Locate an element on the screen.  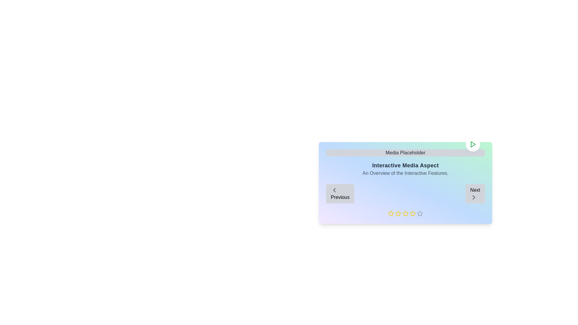
the sixth interactive rating star icon for selecting a rating value is located at coordinates (412, 213).